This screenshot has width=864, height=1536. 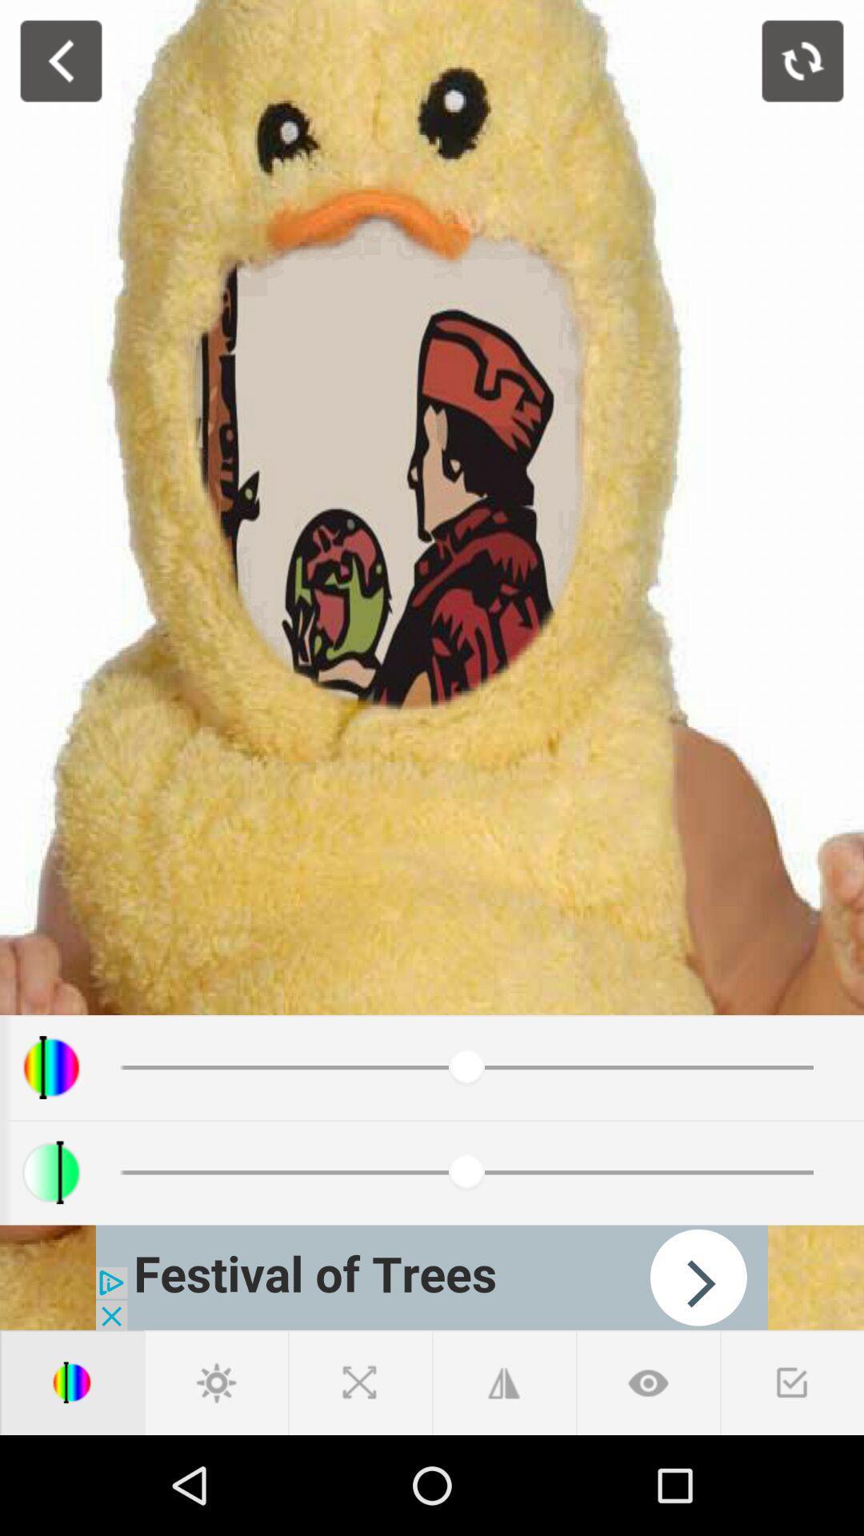 I want to click on the check icon, so click(x=792, y=1382).